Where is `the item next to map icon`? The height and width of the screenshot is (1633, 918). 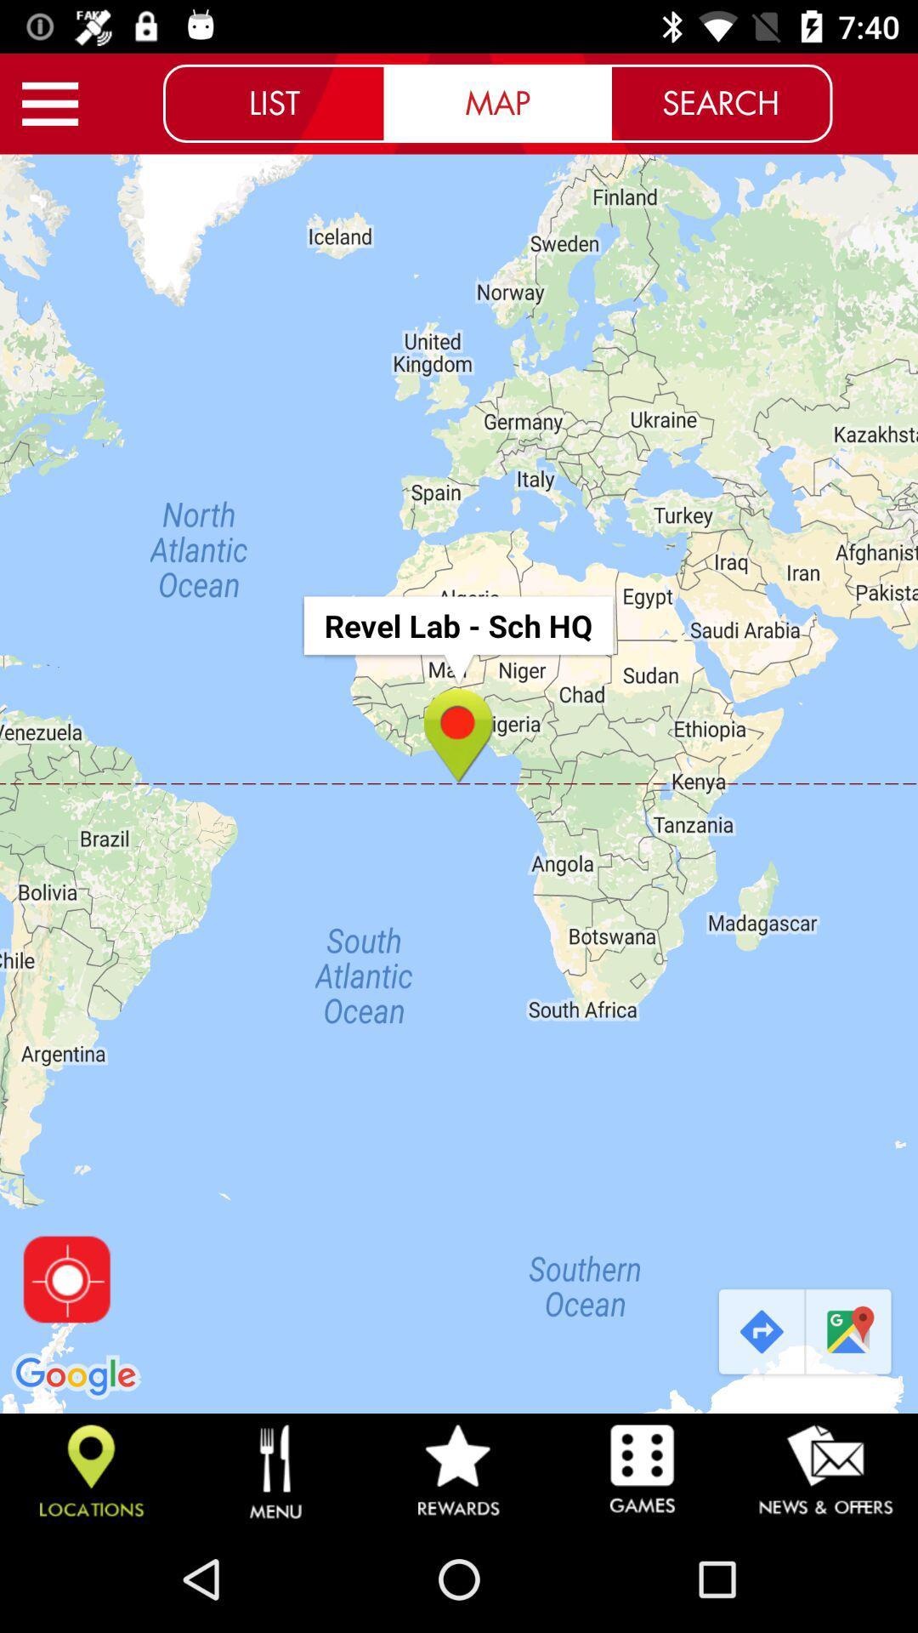 the item next to map icon is located at coordinates (274, 102).